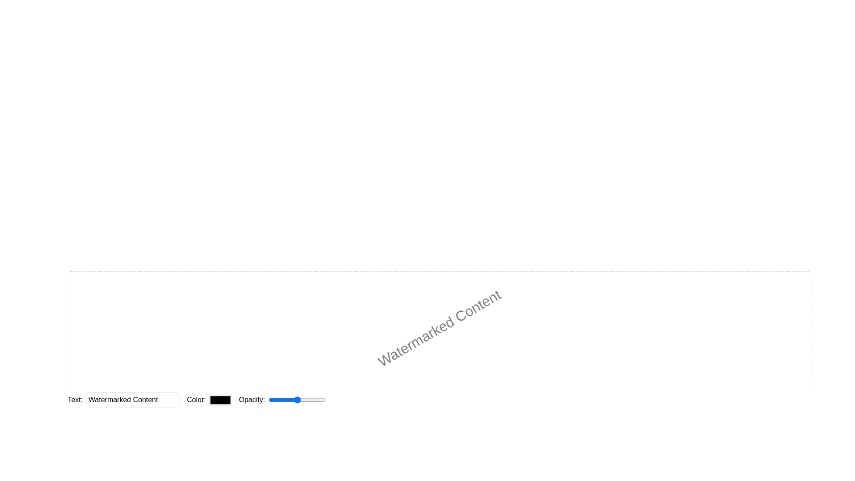  I want to click on opacity, so click(312, 399).